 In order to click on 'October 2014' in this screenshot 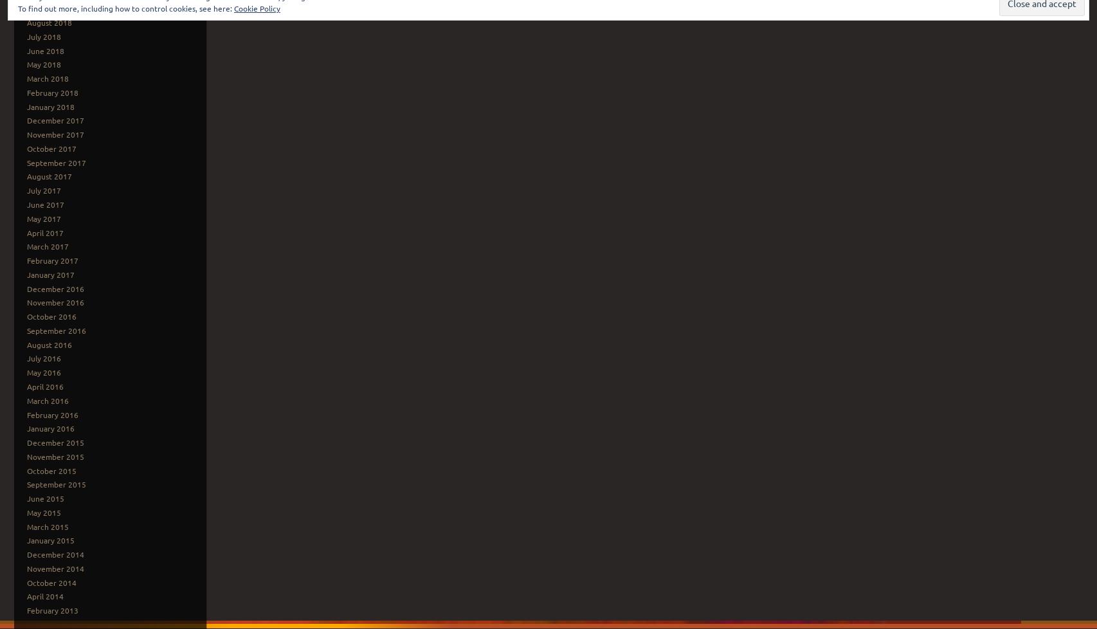, I will do `click(26, 581)`.